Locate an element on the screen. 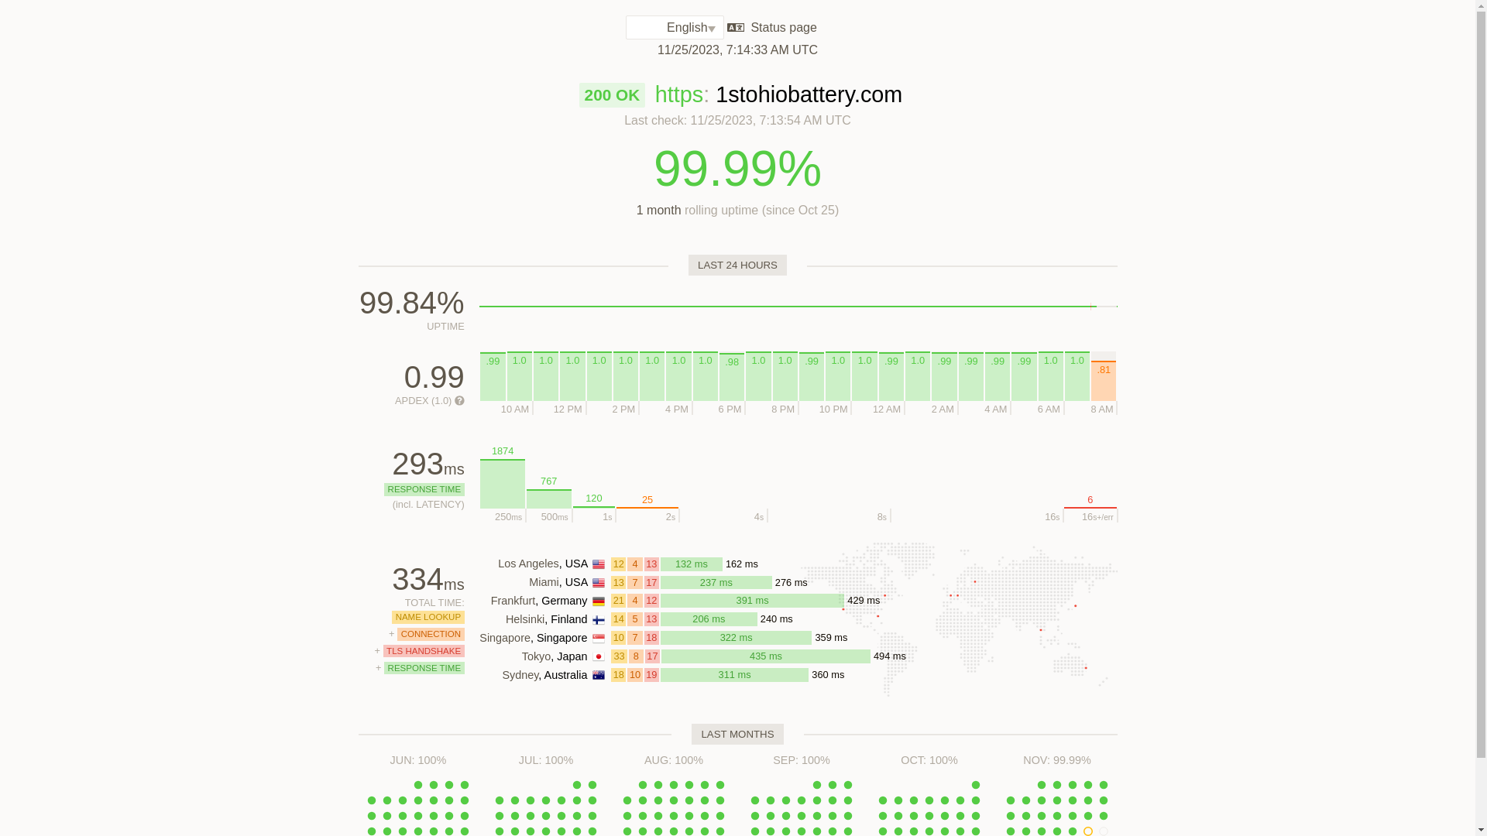  '<small>Jul 13:</small> No downtime' is located at coordinates (546, 814).